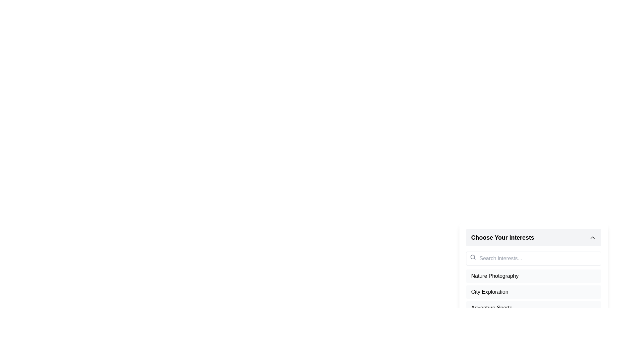 The image size is (636, 358). What do you see at coordinates (490, 291) in the screenshot?
I see `the selectable interest option text located between 'Nature Photography' and 'Adventure Sports' in the 'Choose Your Interests' section` at bounding box center [490, 291].